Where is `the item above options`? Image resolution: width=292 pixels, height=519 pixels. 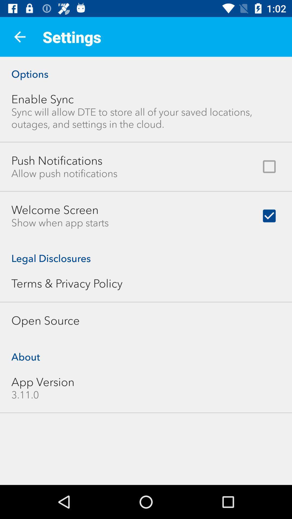 the item above options is located at coordinates (19, 36).